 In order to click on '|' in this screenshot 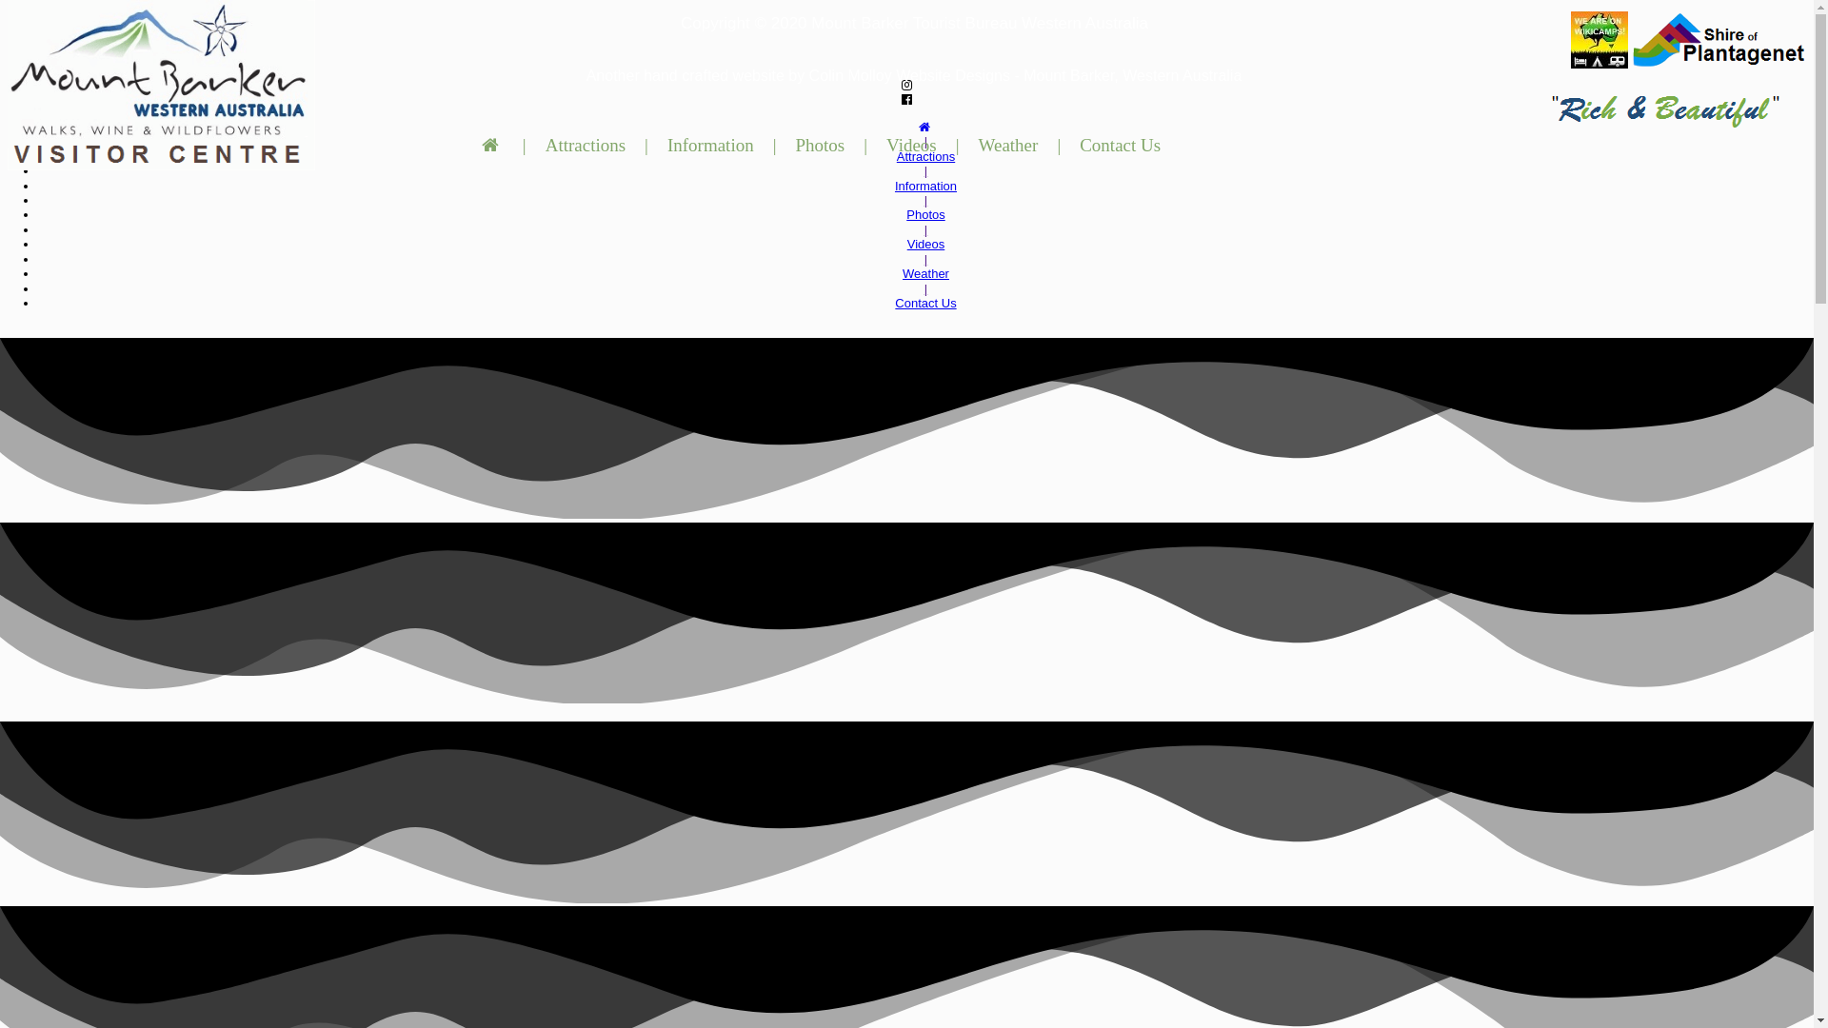, I will do `click(925, 200)`.